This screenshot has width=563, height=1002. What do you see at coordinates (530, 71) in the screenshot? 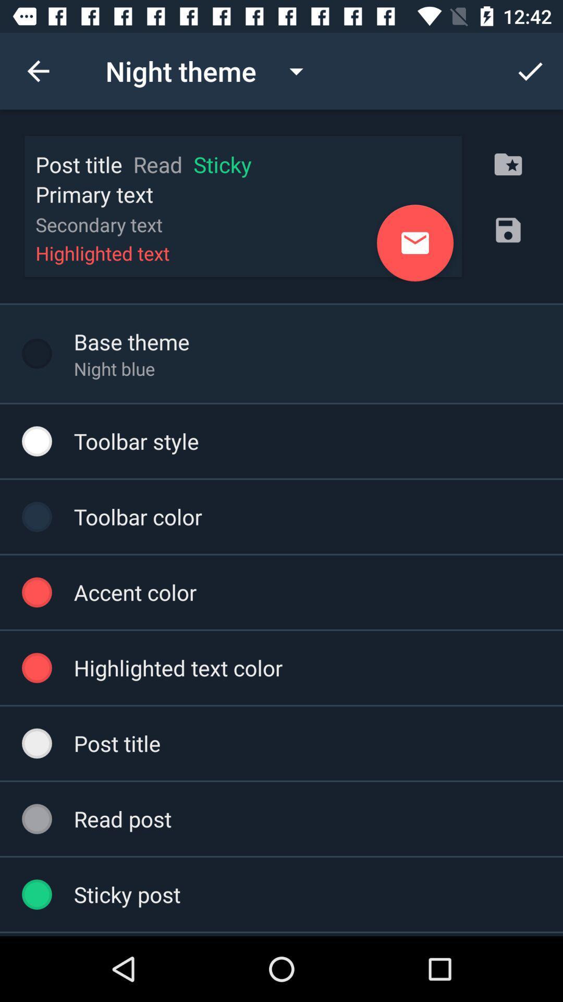
I see `the button at top right corner of the page` at bounding box center [530, 71].